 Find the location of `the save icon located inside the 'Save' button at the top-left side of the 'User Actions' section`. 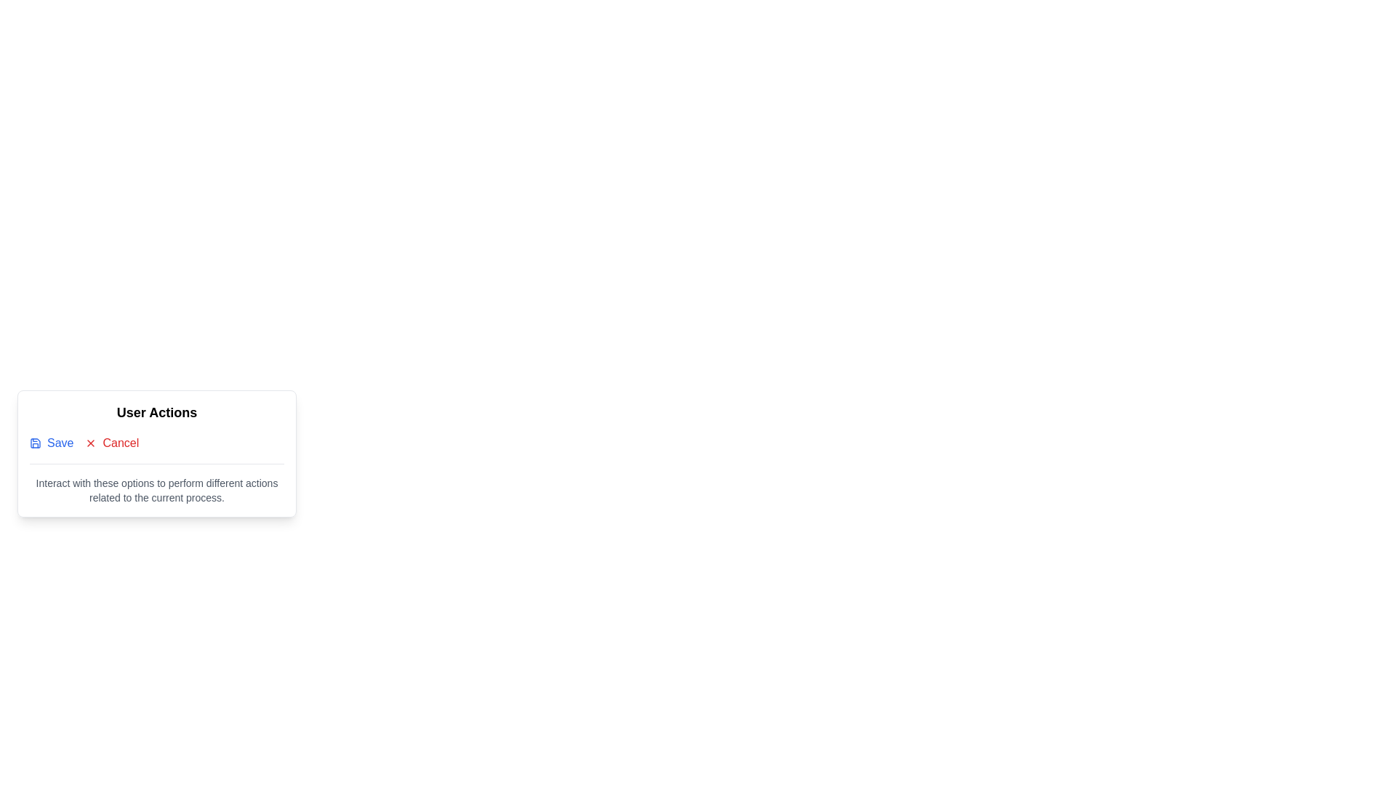

the save icon located inside the 'Save' button at the top-left side of the 'User Actions' section is located at coordinates (35, 442).